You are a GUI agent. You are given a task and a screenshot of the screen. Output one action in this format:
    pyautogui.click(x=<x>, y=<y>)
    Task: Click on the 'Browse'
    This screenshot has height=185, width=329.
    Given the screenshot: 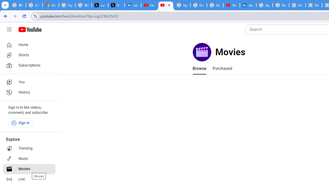 What is the action you would take?
    pyautogui.click(x=199, y=68)
    